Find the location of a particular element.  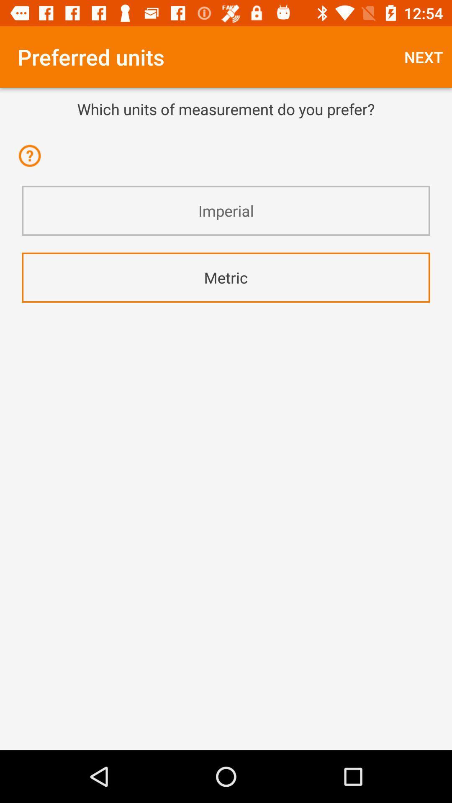

the imperial item is located at coordinates (226, 211).